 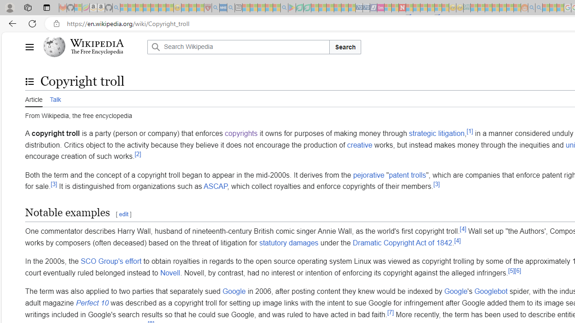 I want to click on 'Search Wikipedia', so click(x=239, y=47).